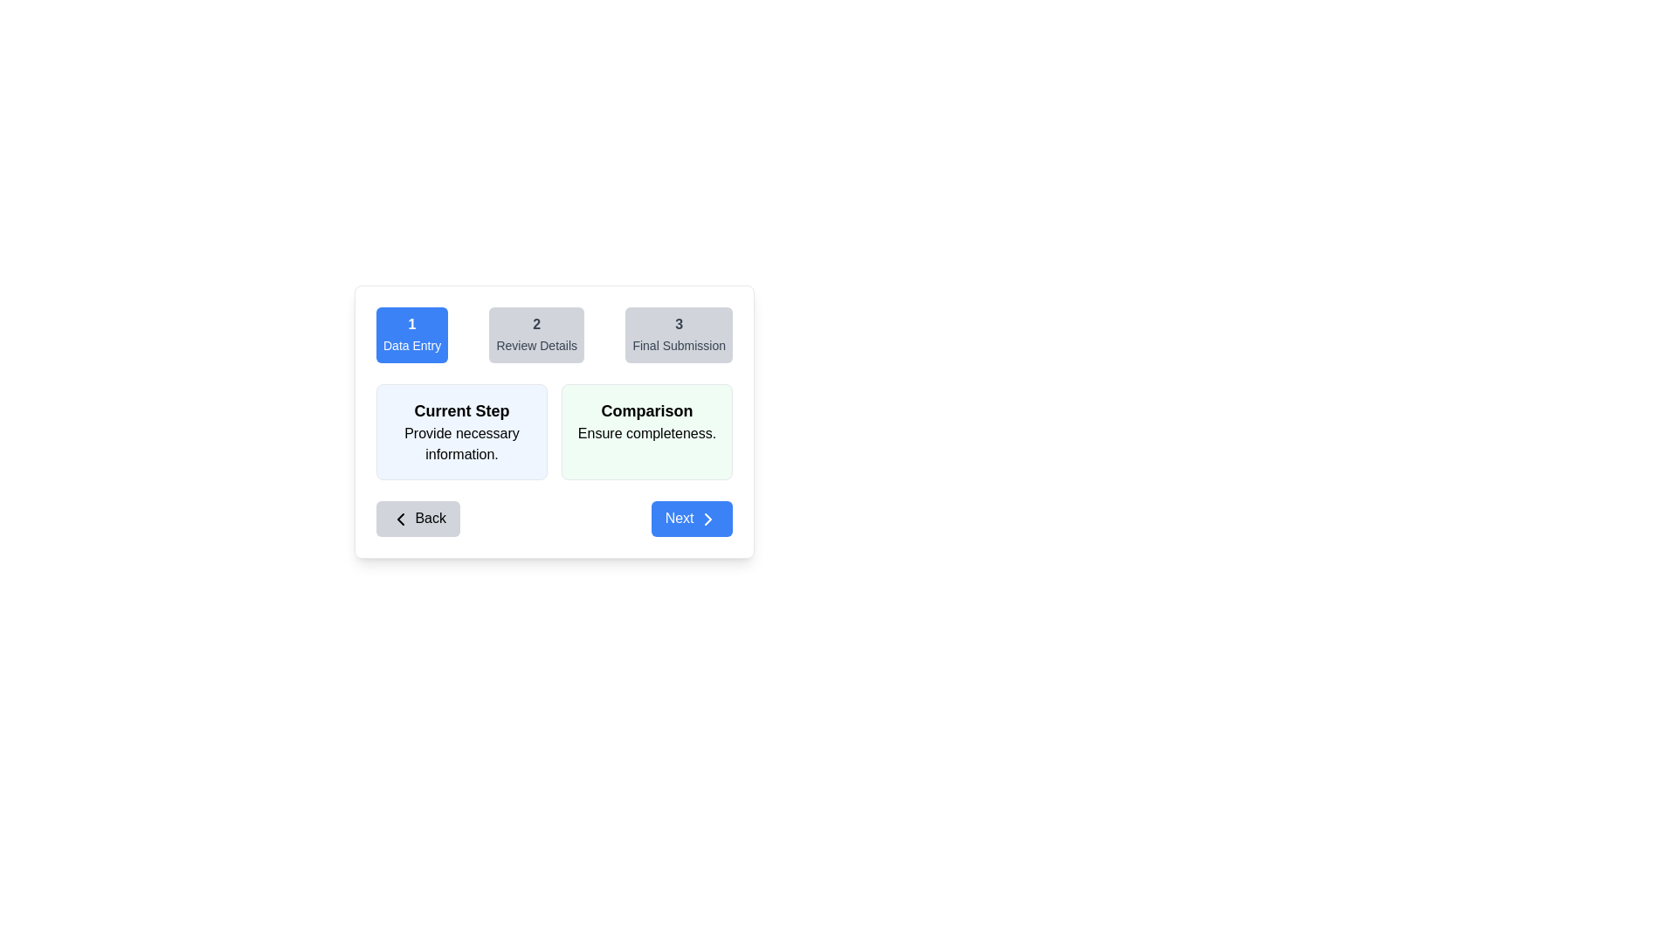 This screenshot has width=1677, height=943. I want to click on the text label displaying 'Review Details', which is styled in a smaller gray font and located under the number '2' in the second column of a horizontal step indicator, so click(535, 346).